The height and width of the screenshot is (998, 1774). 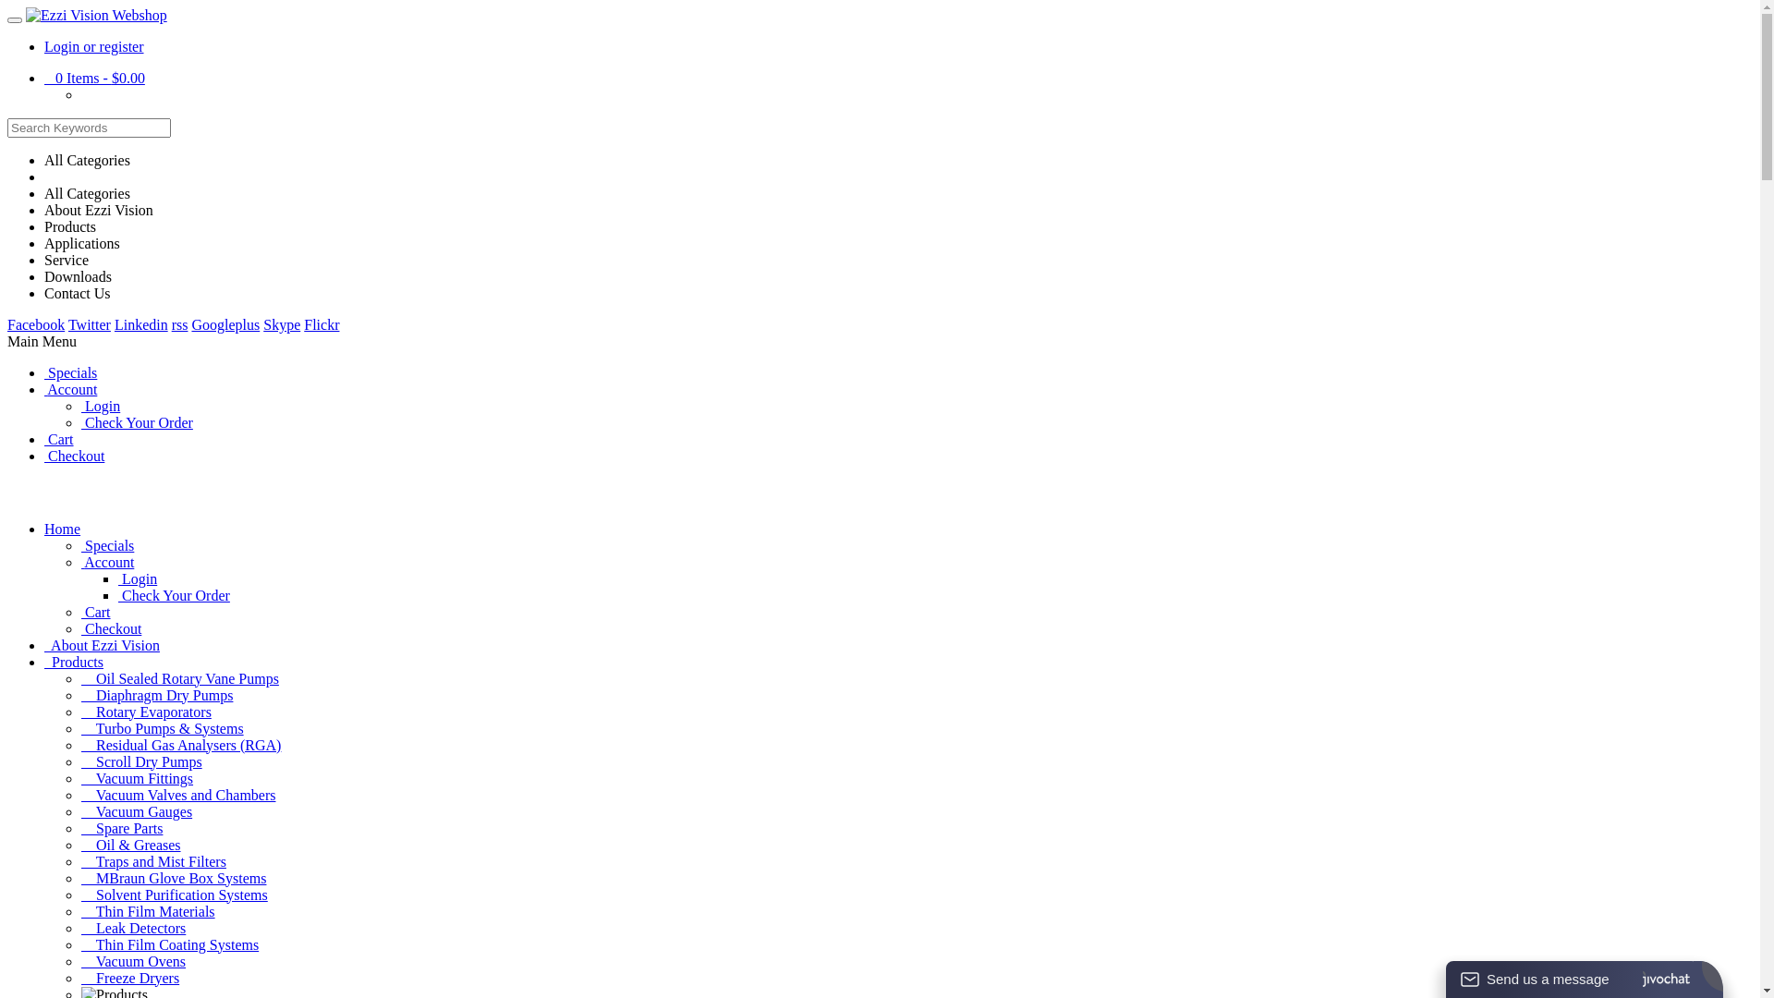 I want to click on '    Rotary Evaporators', so click(x=145, y=711).